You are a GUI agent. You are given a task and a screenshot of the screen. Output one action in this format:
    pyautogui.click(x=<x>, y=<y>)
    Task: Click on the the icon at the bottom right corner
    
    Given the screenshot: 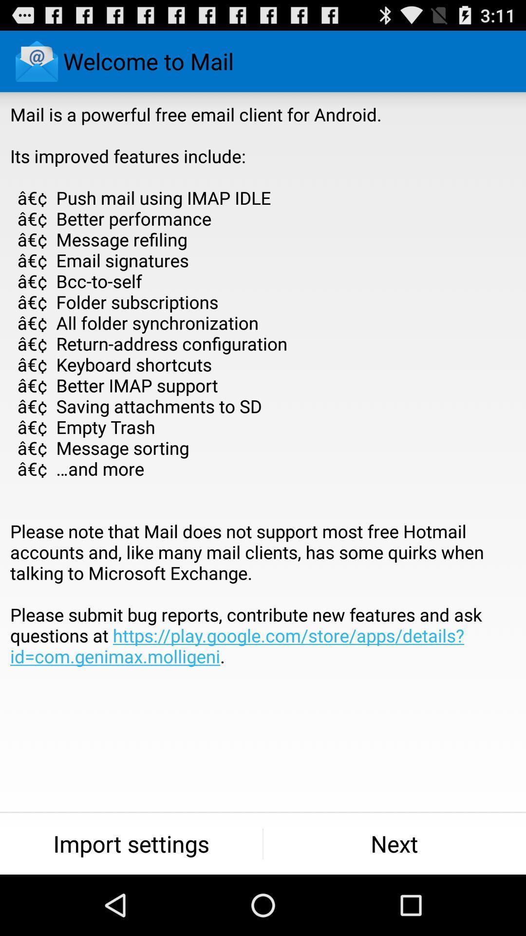 What is the action you would take?
    pyautogui.click(x=394, y=843)
    